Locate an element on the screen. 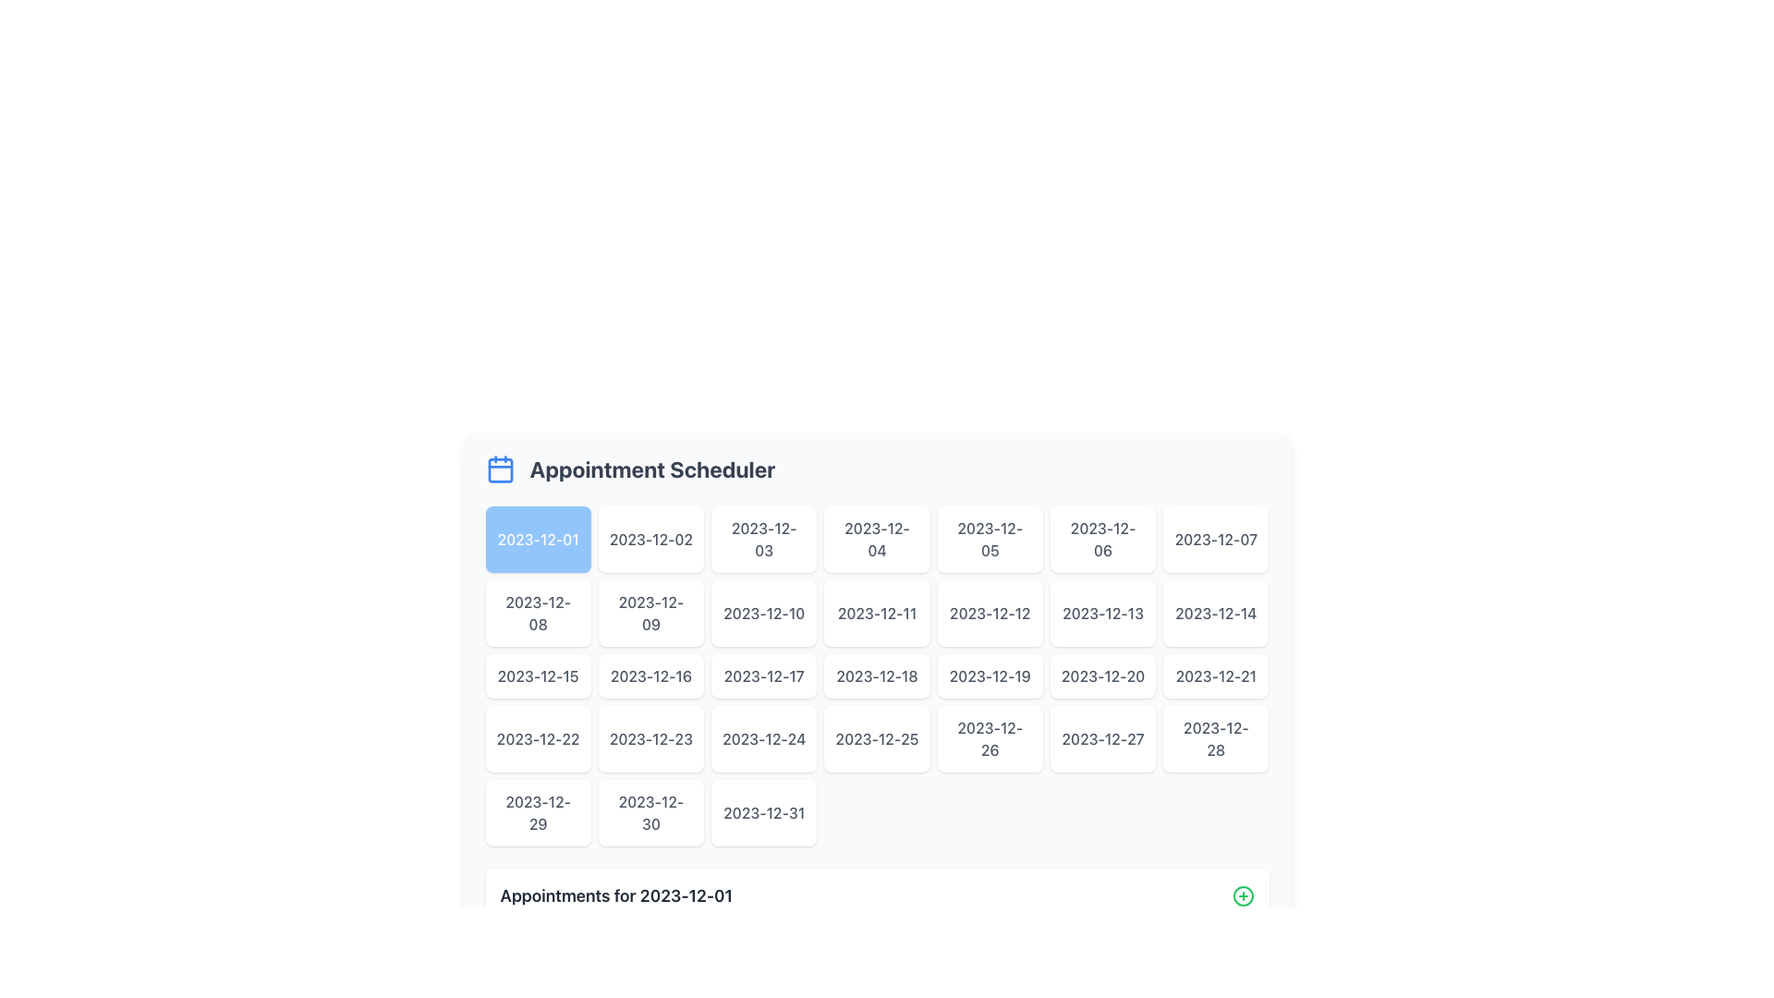 Image resolution: width=1774 pixels, height=998 pixels. the rectangular button displaying the date '2023-12-20' with a light-gray background and dark-gray text is located at coordinates (1103, 676).